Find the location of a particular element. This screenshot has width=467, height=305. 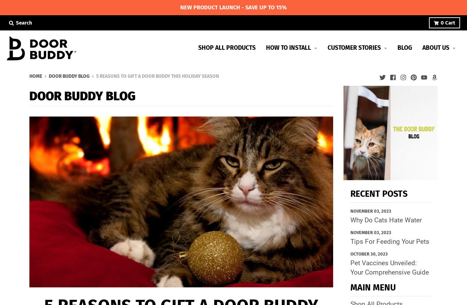

'Shop All Products' is located at coordinates (227, 48).